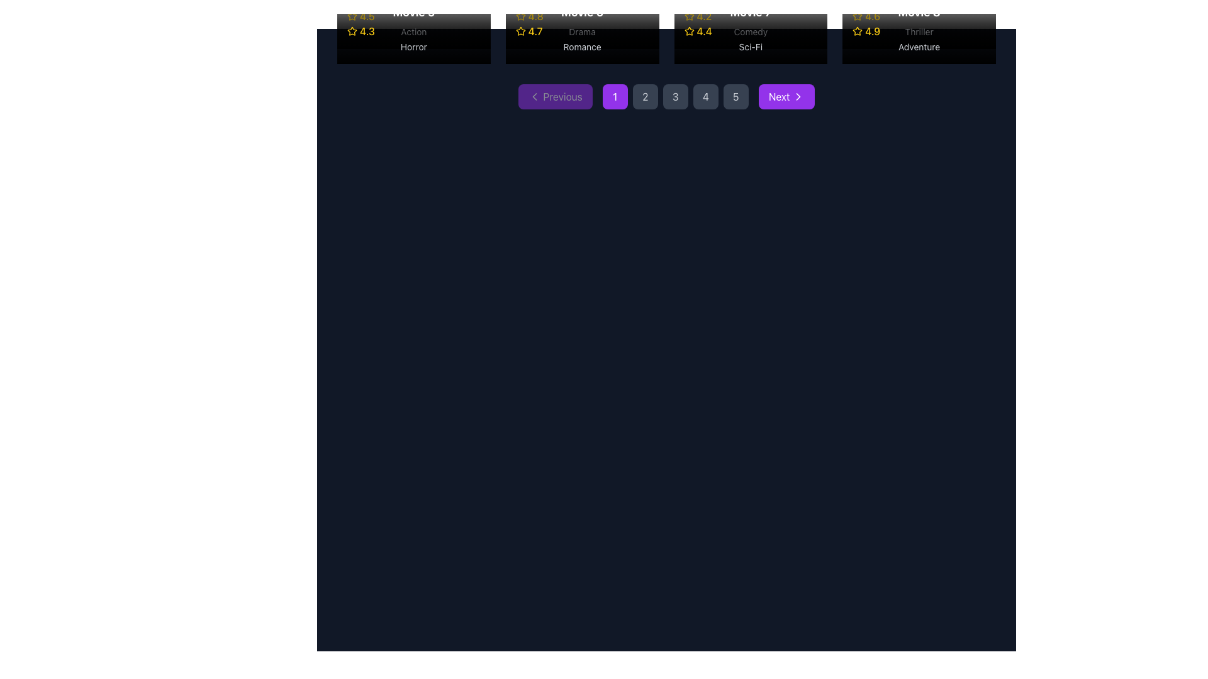 The width and height of the screenshot is (1208, 679). What do you see at coordinates (352, 16) in the screenshot?
I see `the star icon representing the rating of 4.3, located to the left of the text` at bounding box center [352, 16].